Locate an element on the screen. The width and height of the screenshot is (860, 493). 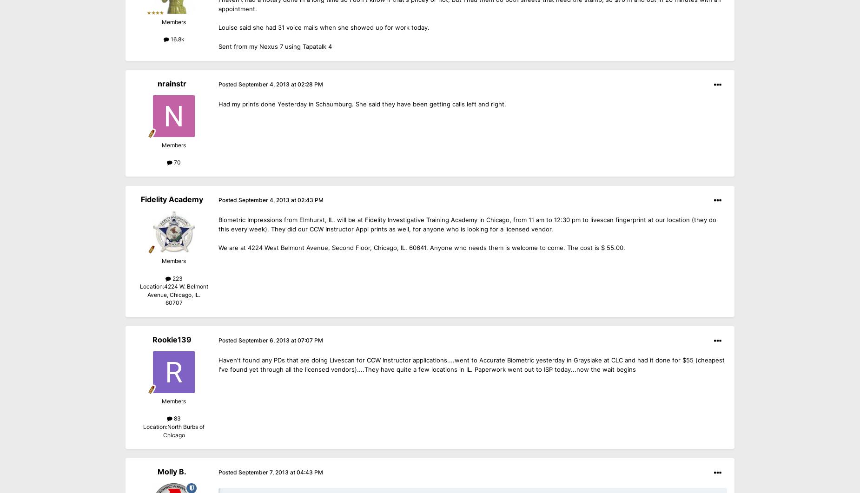
'Biometric Impressions from Elmhurst, IL. will be at Fidelity Investigative Training Academy in Chicago, from 11 am to 12:30 pm to livescan fingerprint at our location (they do this every week). They did our CCW Instructor Appl prints as well, for anyone who is looking for a licensed vendor.' is located at coordinates (467, 224).